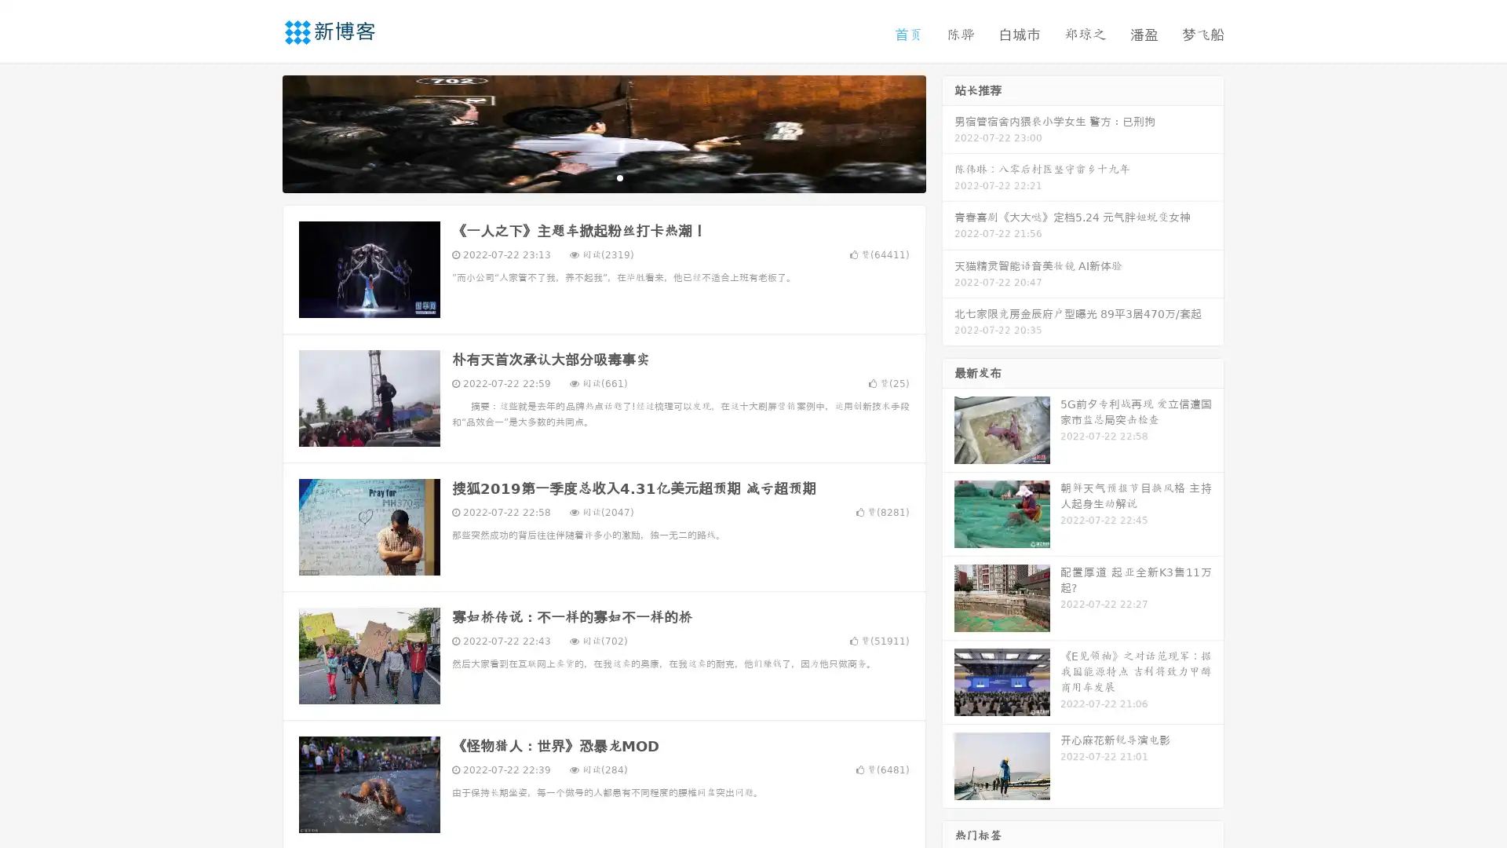 This screenshot has height=848, width=1507. Describe the element at coordinates (587, 177) in the screenshot. I see `Go to slide 1` at that location.